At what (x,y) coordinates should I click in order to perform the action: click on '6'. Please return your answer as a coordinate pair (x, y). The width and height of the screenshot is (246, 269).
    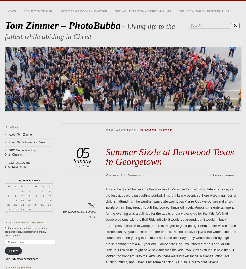
    Looking at the image, I should click on (8, 196).